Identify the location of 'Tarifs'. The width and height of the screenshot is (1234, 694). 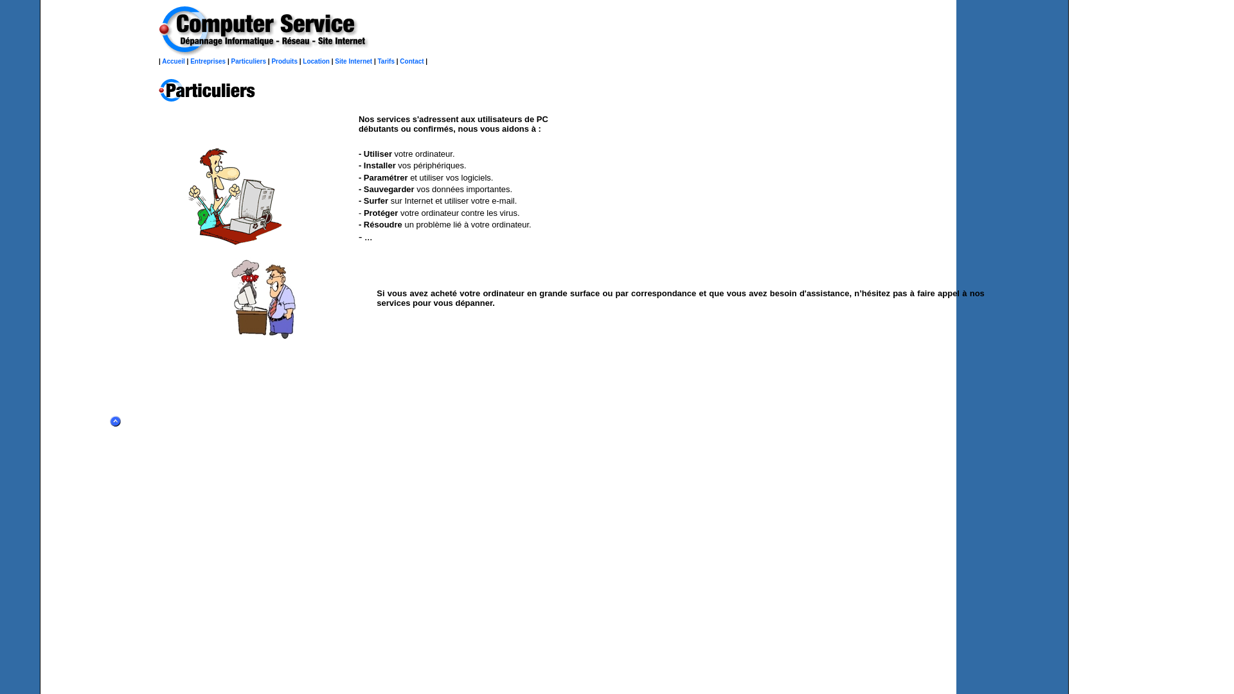
(386, 61).